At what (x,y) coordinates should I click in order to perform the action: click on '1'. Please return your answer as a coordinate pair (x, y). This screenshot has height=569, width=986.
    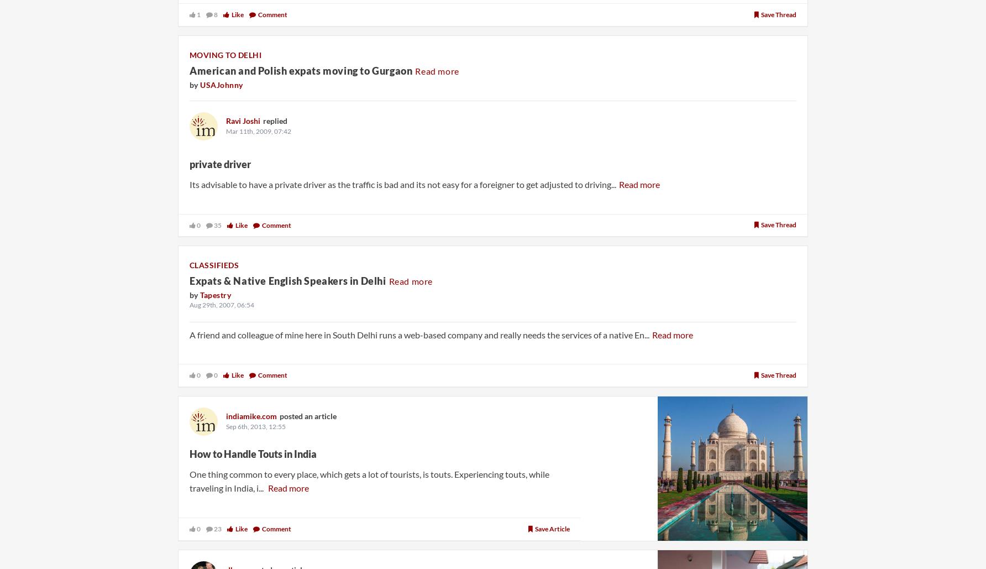
    Looking at the image, I should click on (197, 14).